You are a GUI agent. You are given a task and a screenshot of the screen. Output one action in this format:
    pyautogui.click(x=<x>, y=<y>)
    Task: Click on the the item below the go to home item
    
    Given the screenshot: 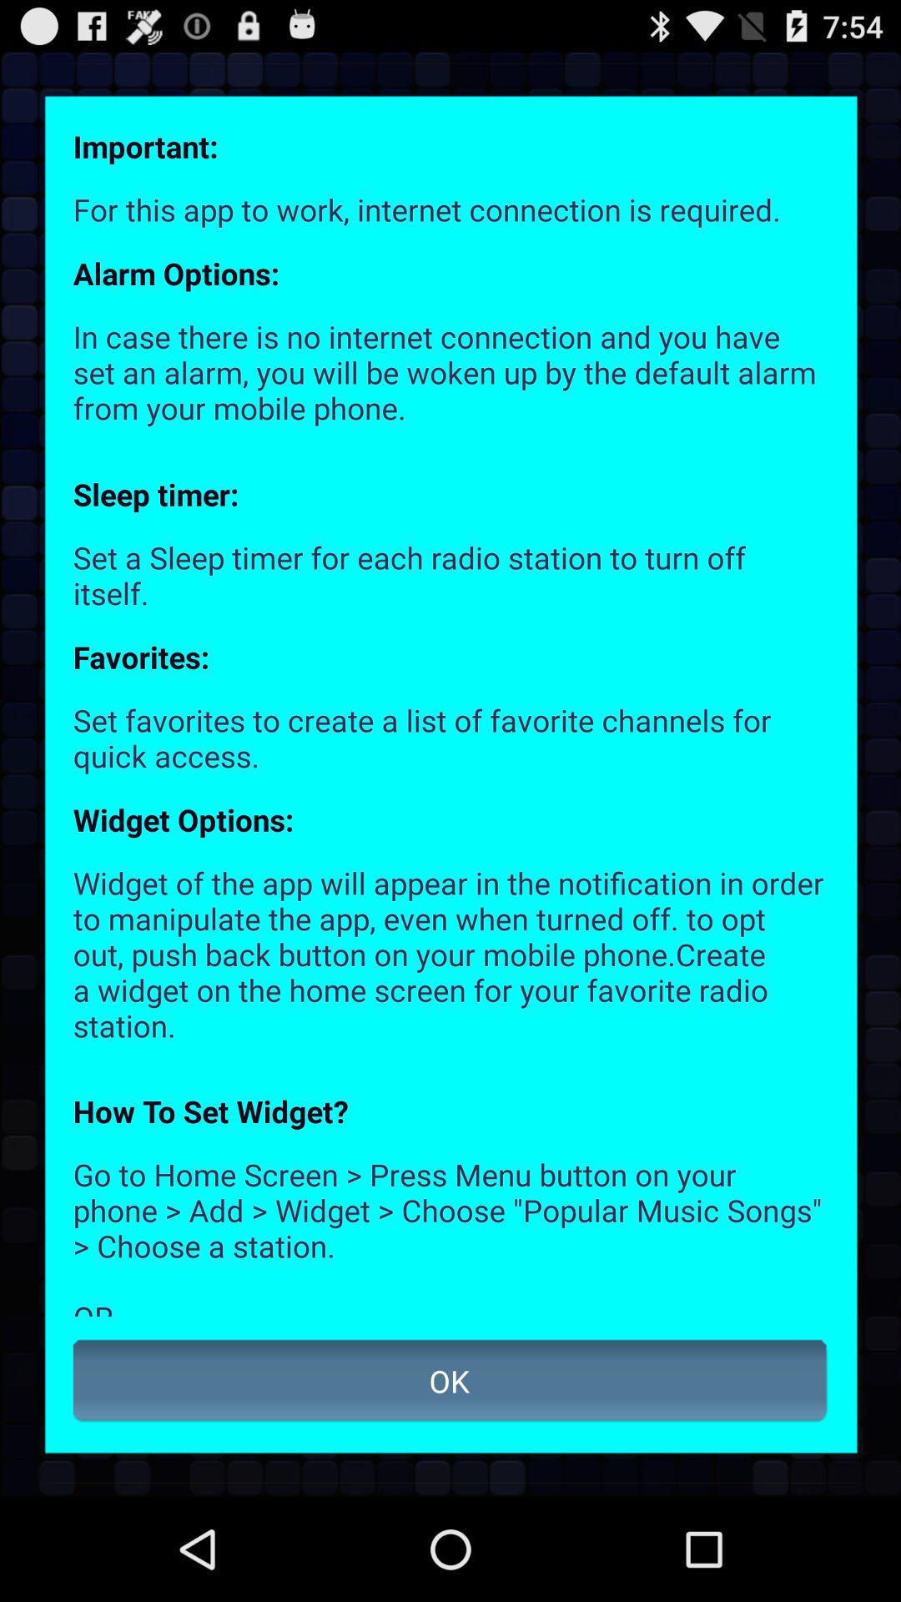 What is the action you would take?
    pyautogui.click(x=450, y=1381)
    